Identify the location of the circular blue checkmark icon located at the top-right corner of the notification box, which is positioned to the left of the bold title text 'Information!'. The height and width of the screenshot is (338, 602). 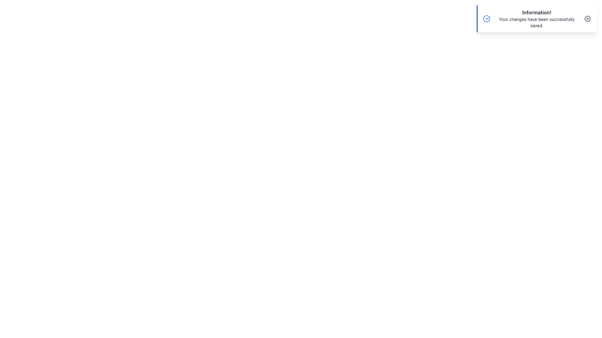
(486, 18).